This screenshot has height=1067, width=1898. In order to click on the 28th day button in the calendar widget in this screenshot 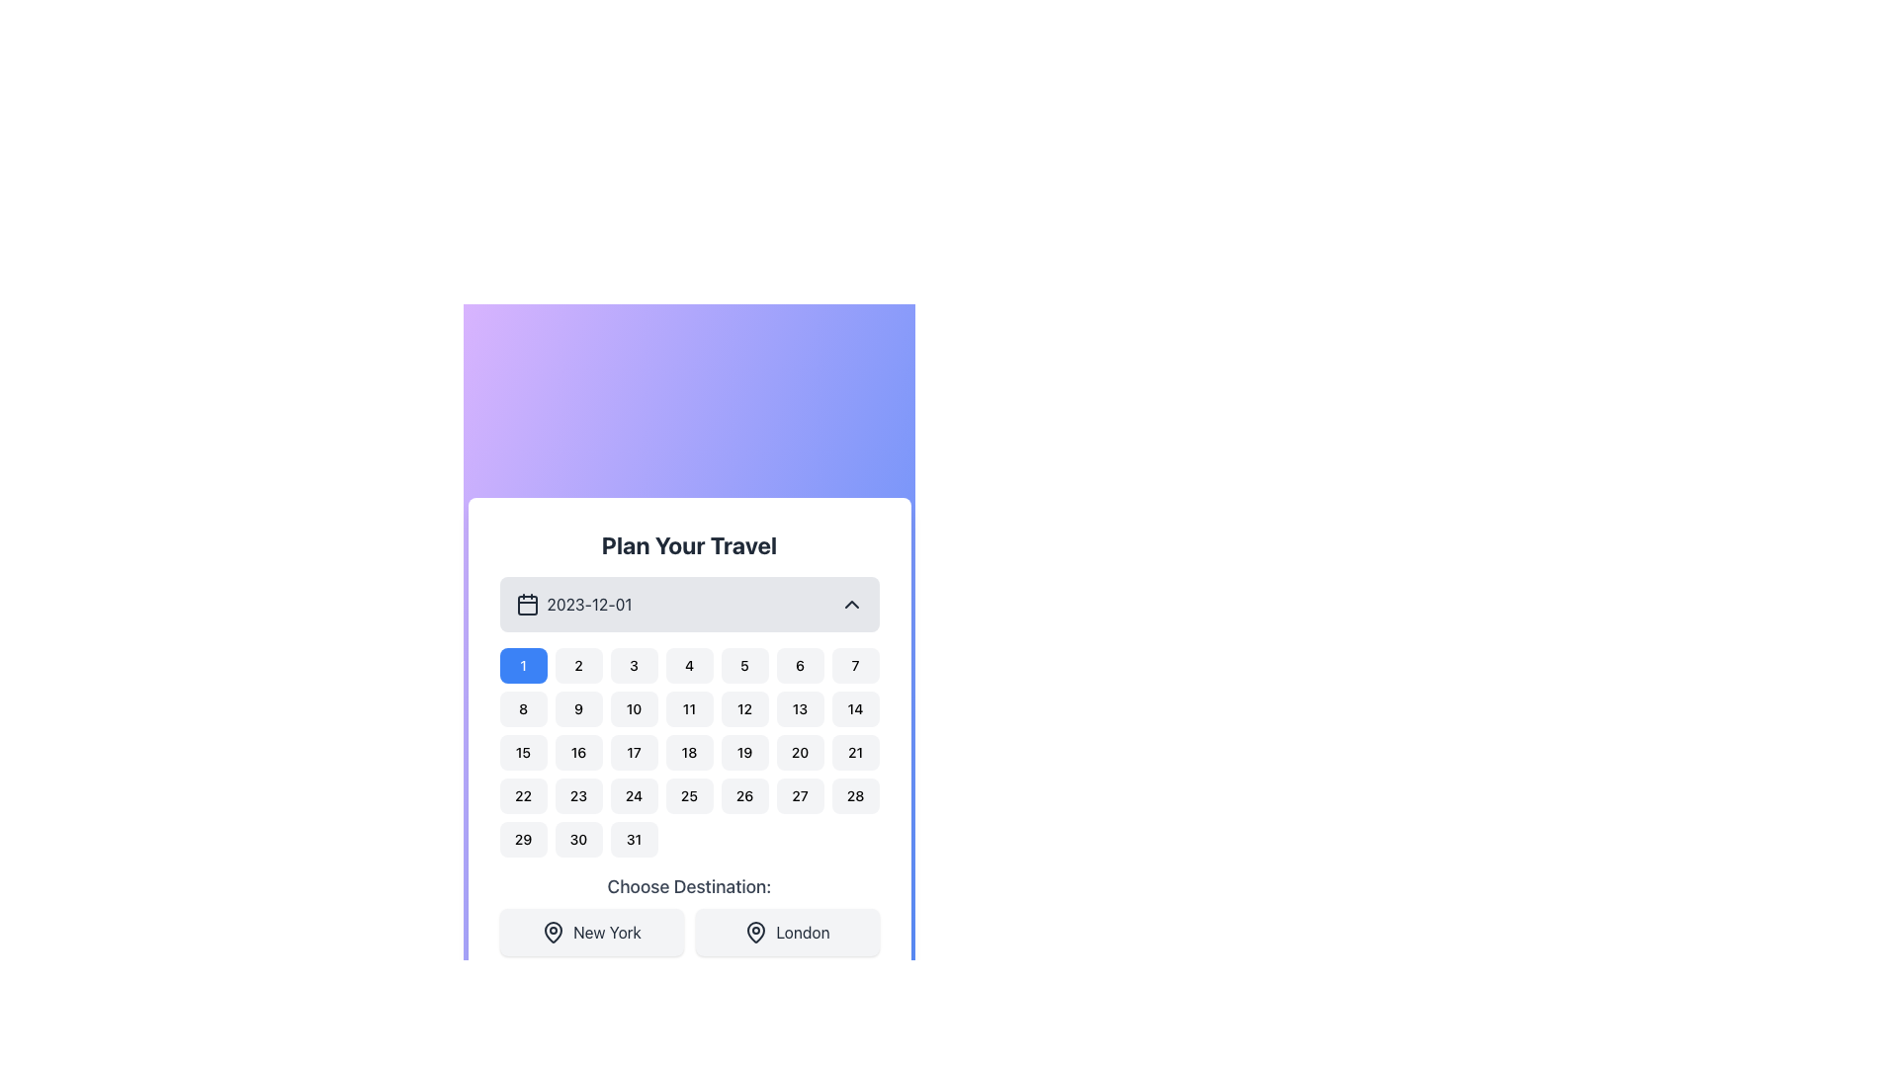, I will do `click(855, 795)`.